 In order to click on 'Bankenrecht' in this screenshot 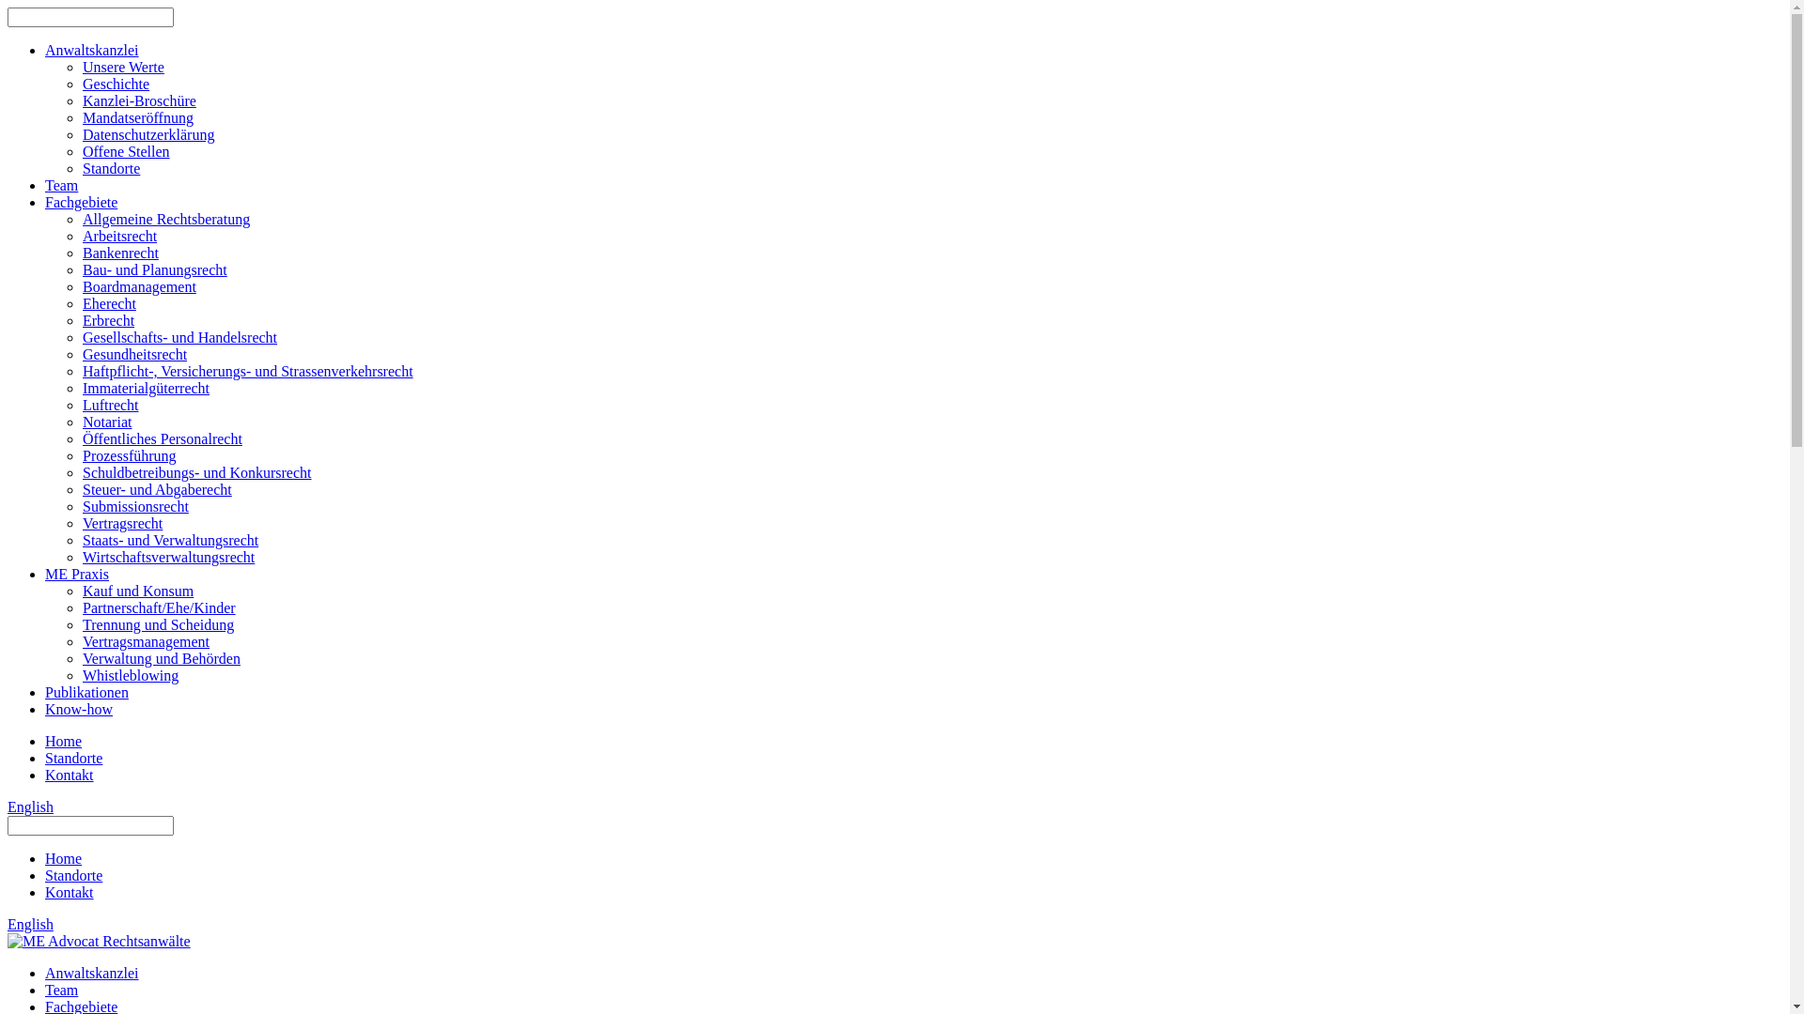, I will do `click(81, 252)`.